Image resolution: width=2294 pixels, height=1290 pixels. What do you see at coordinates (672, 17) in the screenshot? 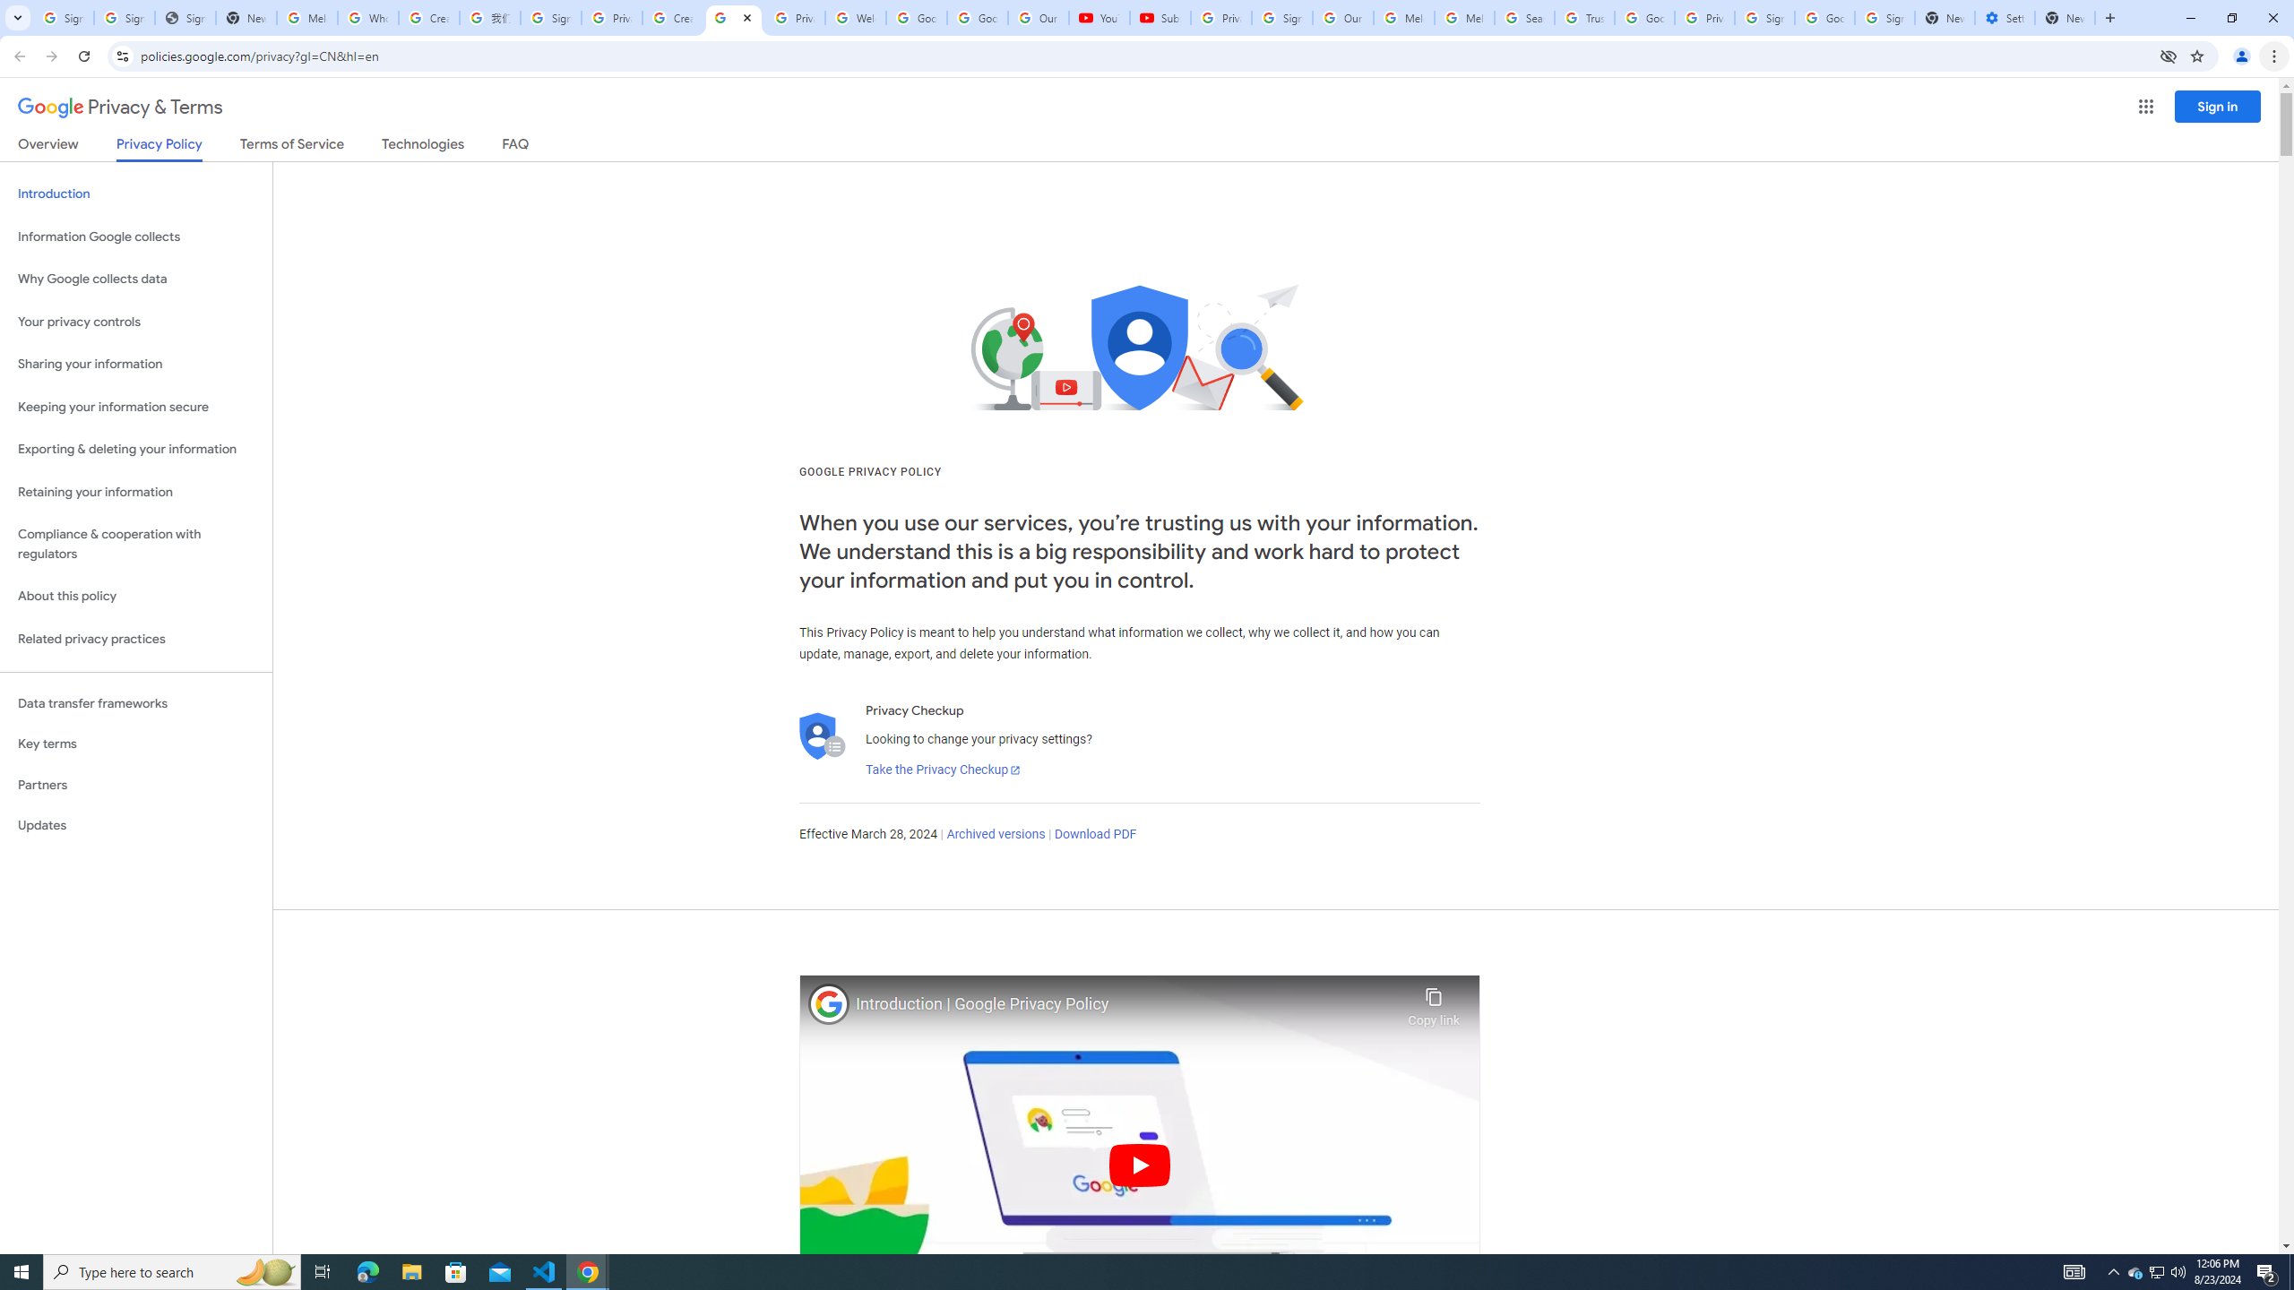
I see `'Create your Google Account'` at bounding box center [672, 17].